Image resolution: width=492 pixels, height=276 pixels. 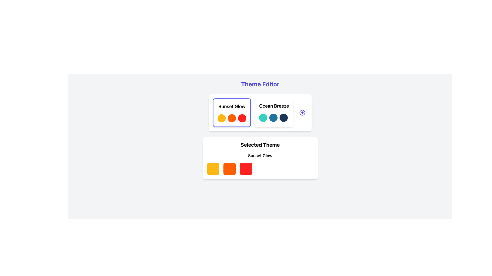 What do you see at coordinates (273, 118) in the screenshot?
I see `the middle decorative circle indicator within the 'Ocean Breeze' theme selection` at bounding box center [273, 118].